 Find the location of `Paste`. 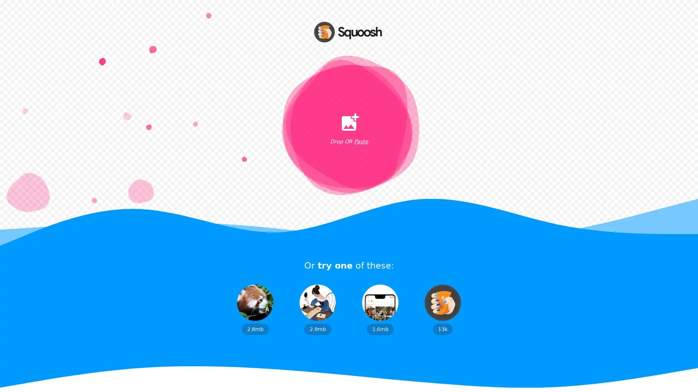

Paste is located at coordinates (361, 142).